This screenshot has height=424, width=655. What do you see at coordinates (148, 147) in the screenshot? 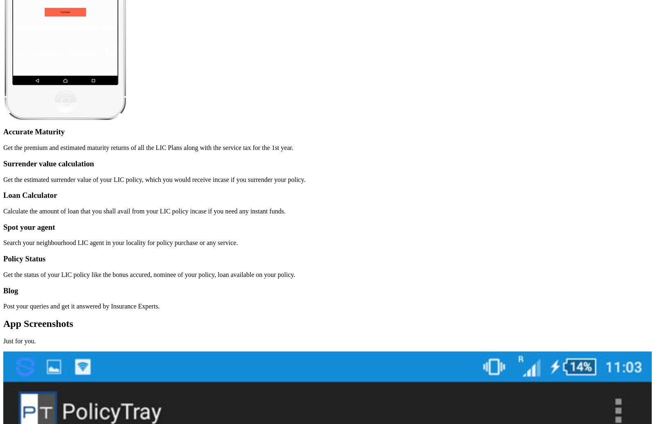
I see `'Get the premium and estimated maturity returns of all the LIC Plans along with the service tax for the 1st year.'` at bounding box center [148, 147].